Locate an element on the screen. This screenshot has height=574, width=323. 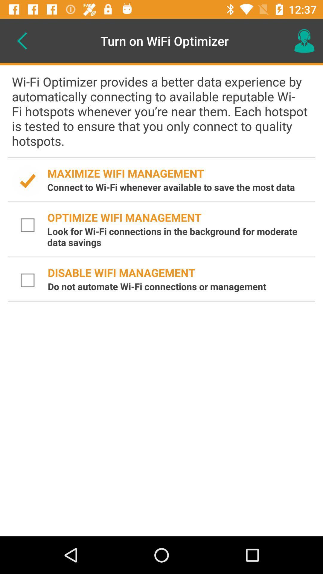
opiton is located at coordinates (28, 225).